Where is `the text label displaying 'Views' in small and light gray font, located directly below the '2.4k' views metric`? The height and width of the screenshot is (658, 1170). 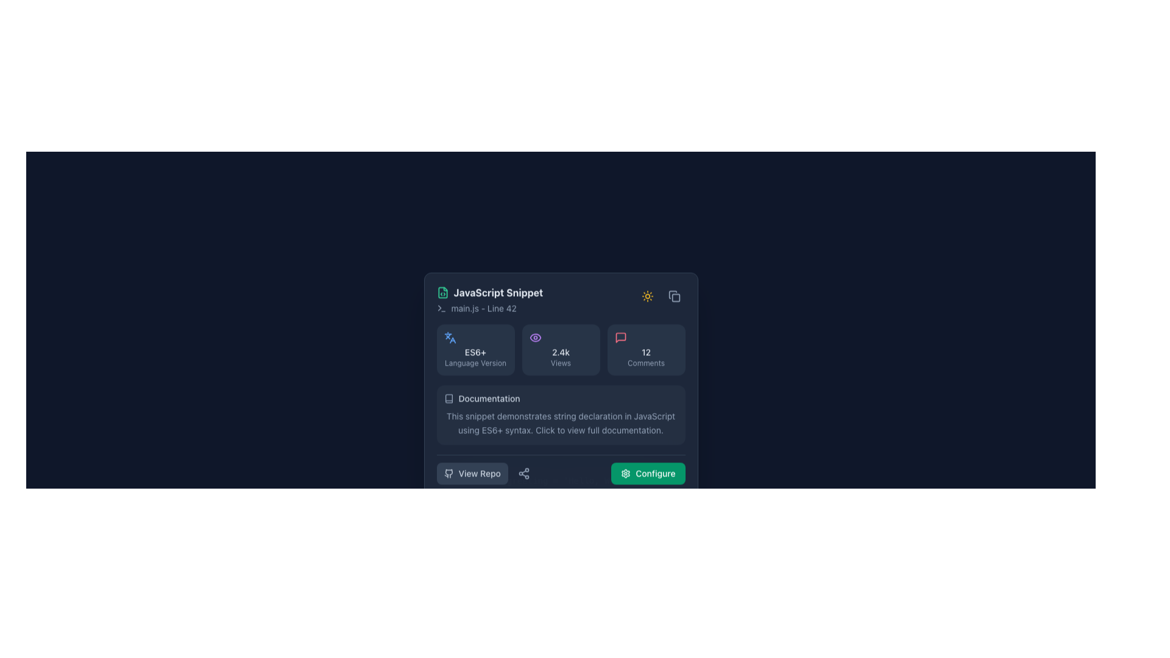
the text label displaying 'Views' in small and light gray font, located directly below the '2.4k' views metric is located at coordinates (560, 363).